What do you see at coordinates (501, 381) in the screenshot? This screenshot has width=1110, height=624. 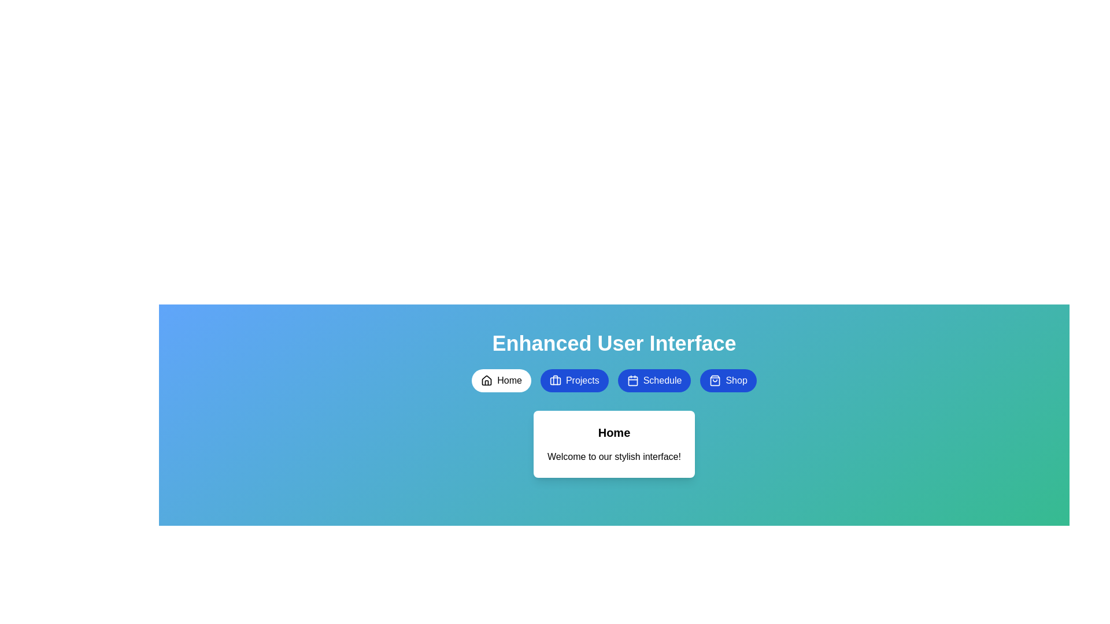 I see `the button labeled Home to observe the hover effect` at bounding box center [501, 381].